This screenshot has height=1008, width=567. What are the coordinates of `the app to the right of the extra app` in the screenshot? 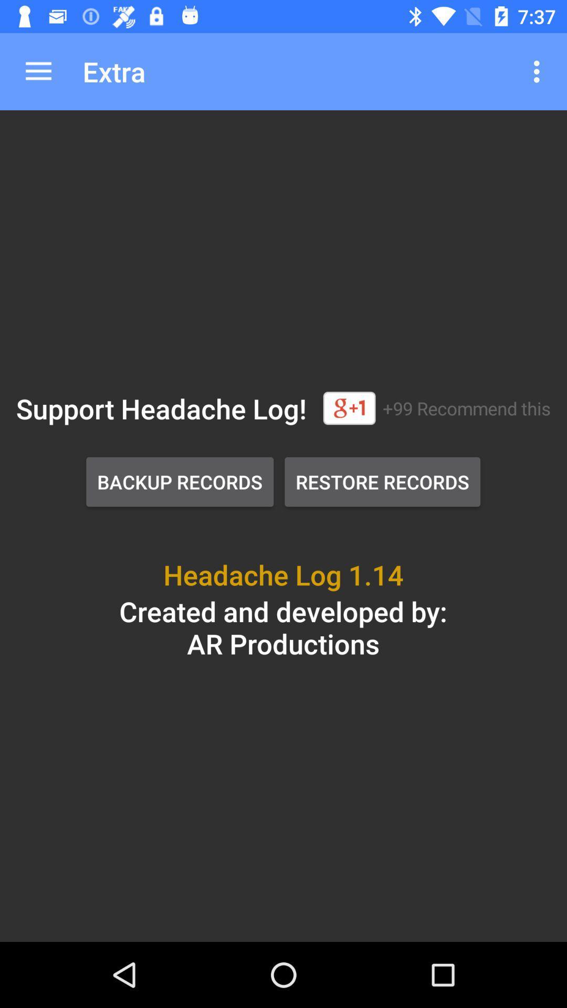 It's located at (539, 71).